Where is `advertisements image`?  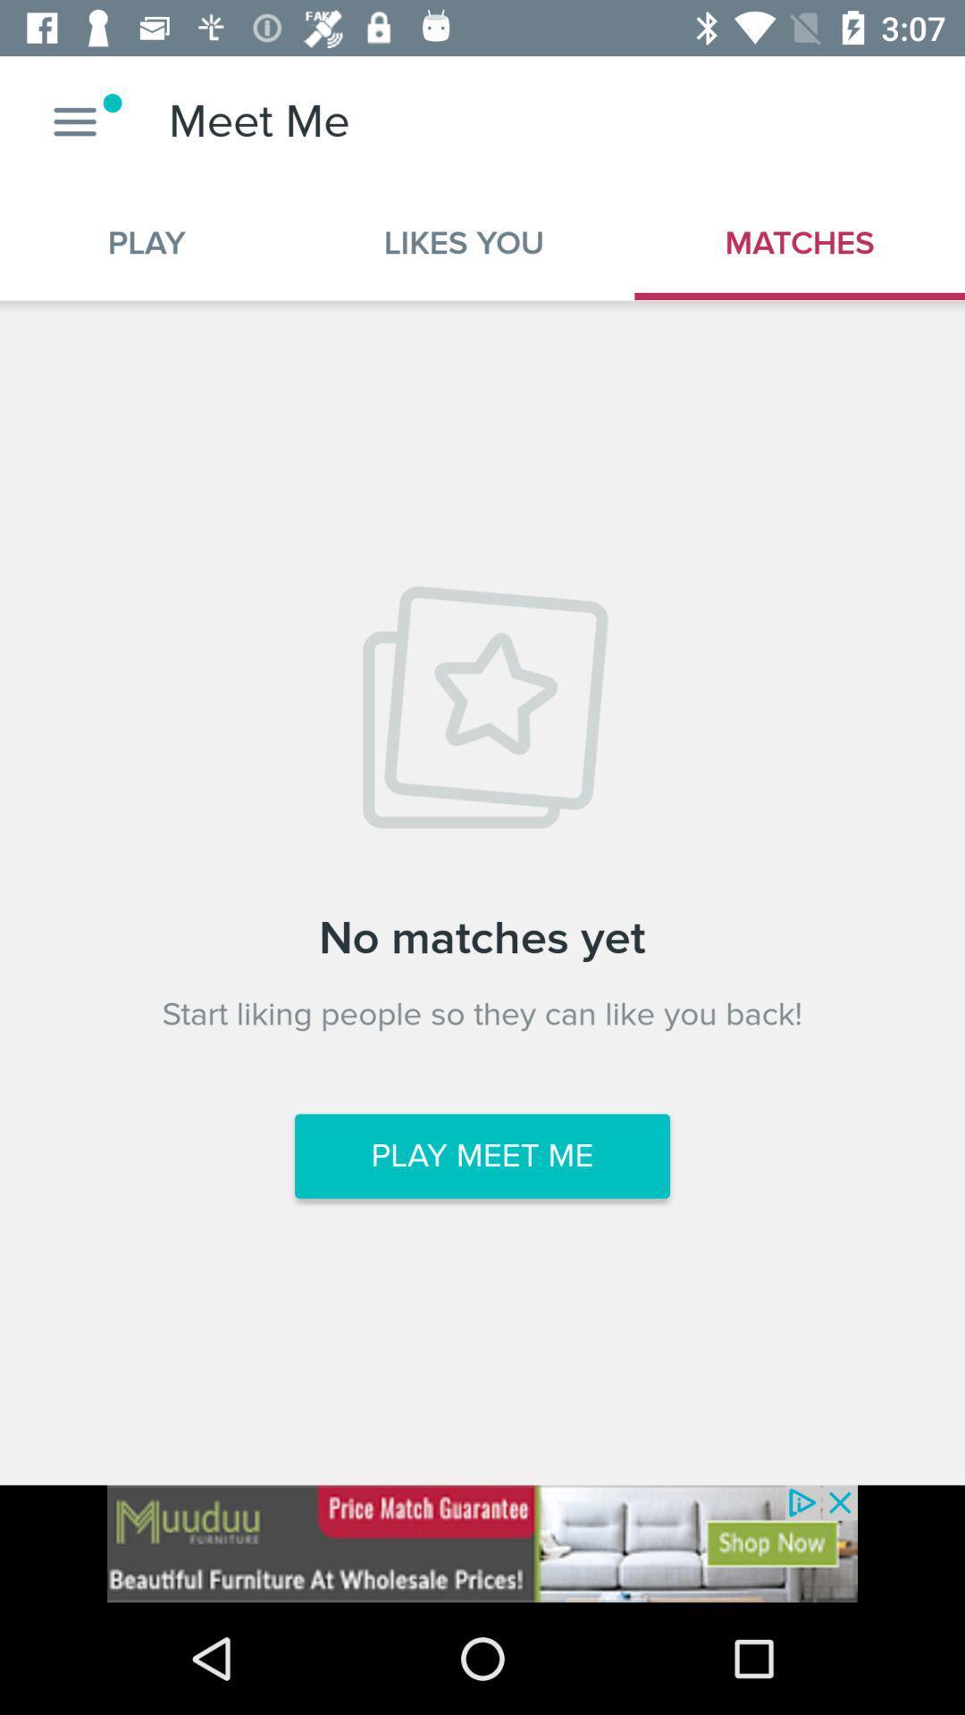
advertisements image is located at coordinates (482, 1543).